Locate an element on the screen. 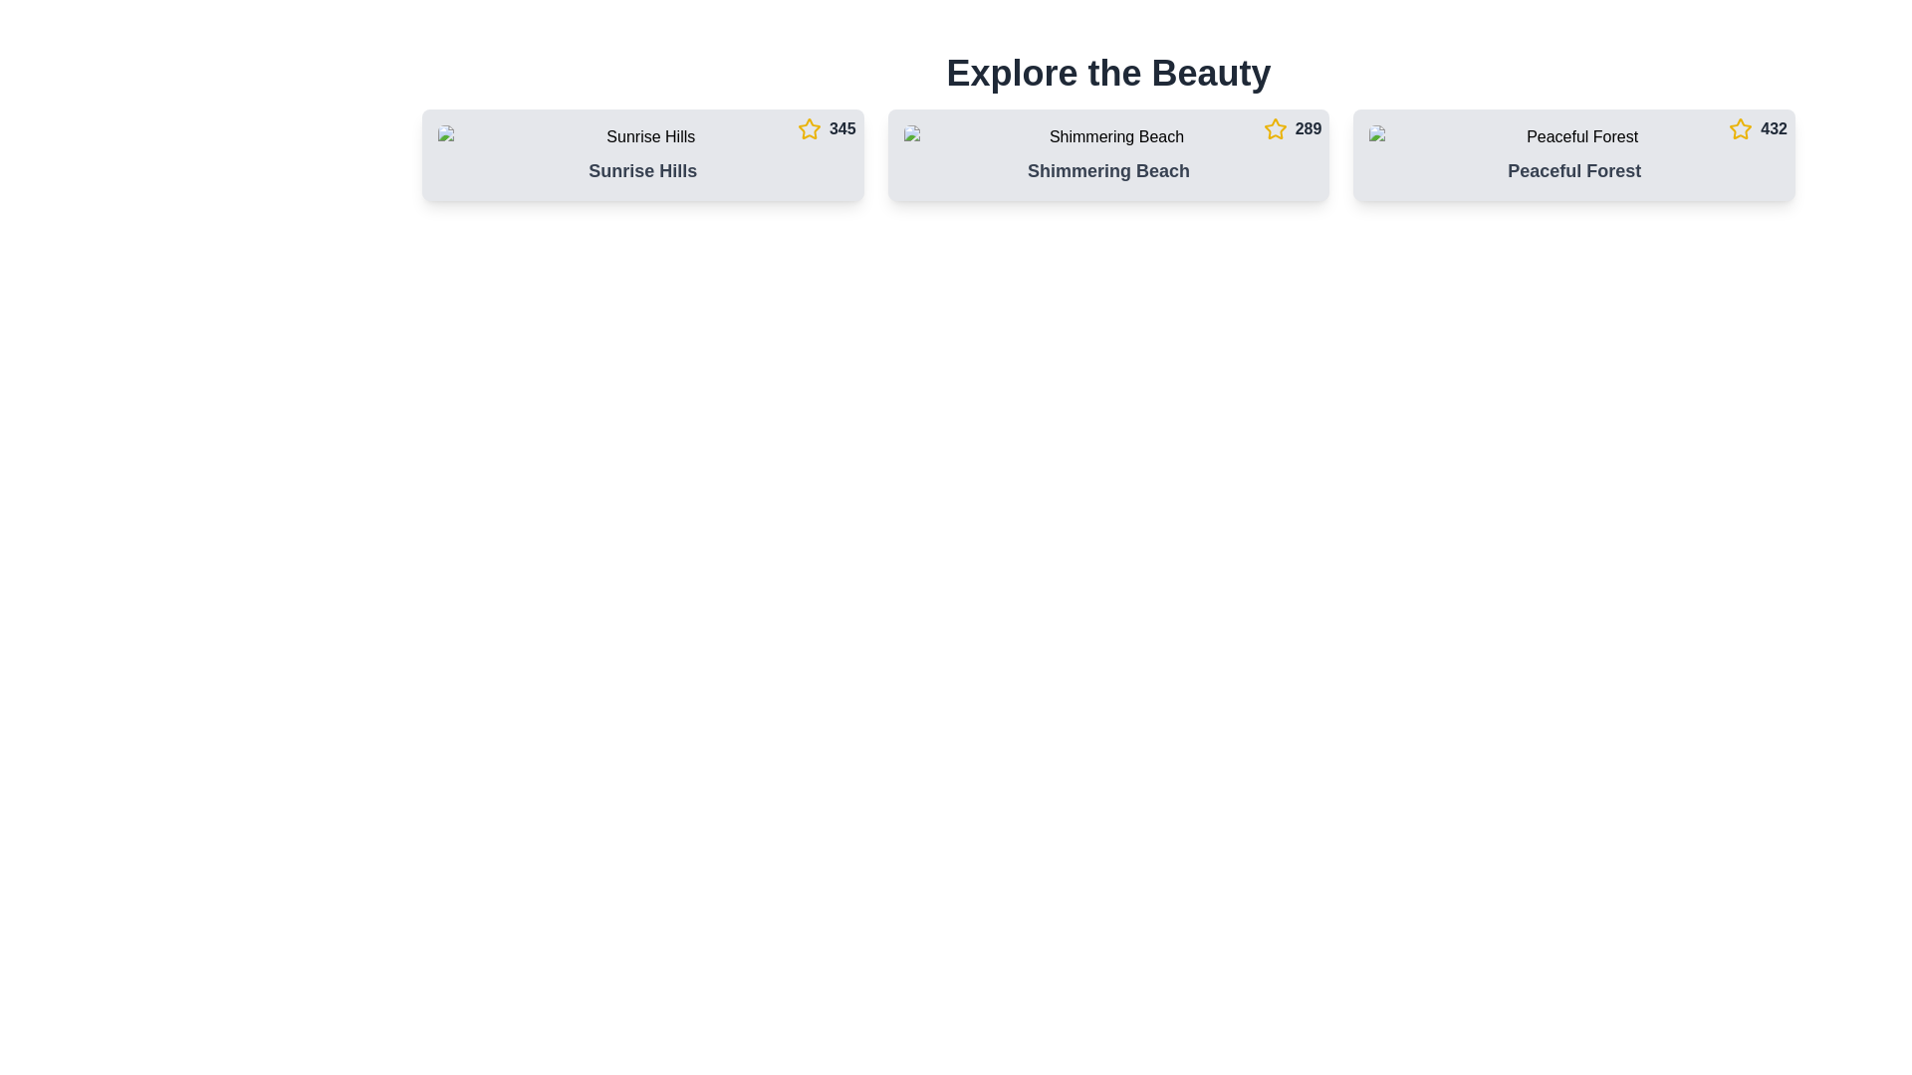 Image resolution: width=1912 pixels, height=1075 pixels. the yellow star-shaped icon with the text '432' to rate it, located in the top-right corner of the 'Peaceful Forest' card is located at coordinates (1758, 129).